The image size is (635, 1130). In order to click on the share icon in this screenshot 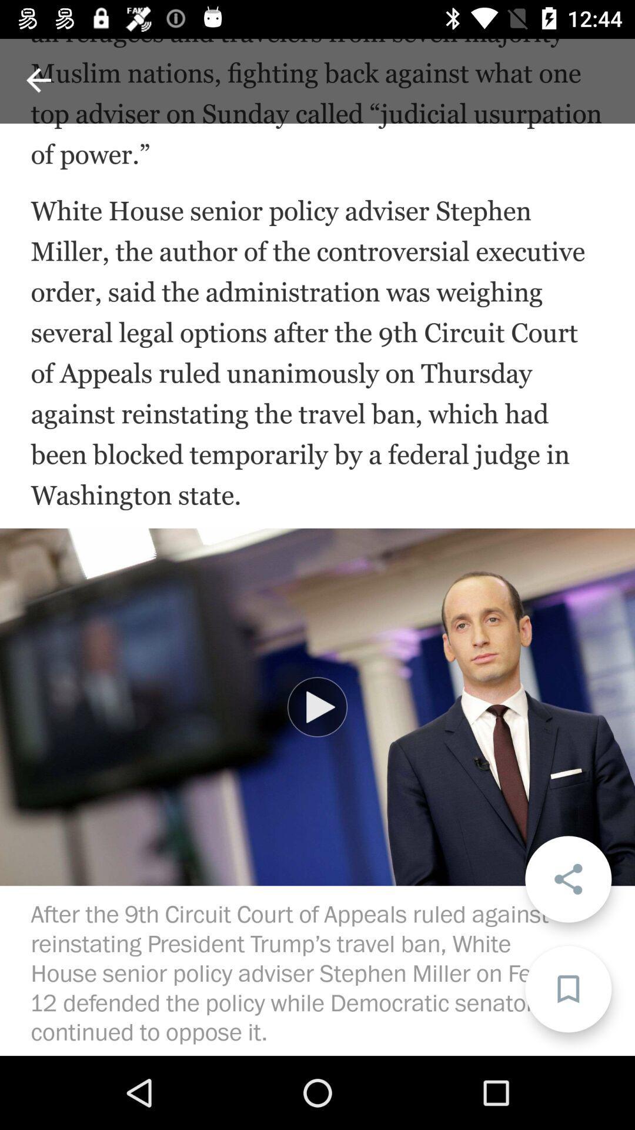, I will do `click(567, 879)`.